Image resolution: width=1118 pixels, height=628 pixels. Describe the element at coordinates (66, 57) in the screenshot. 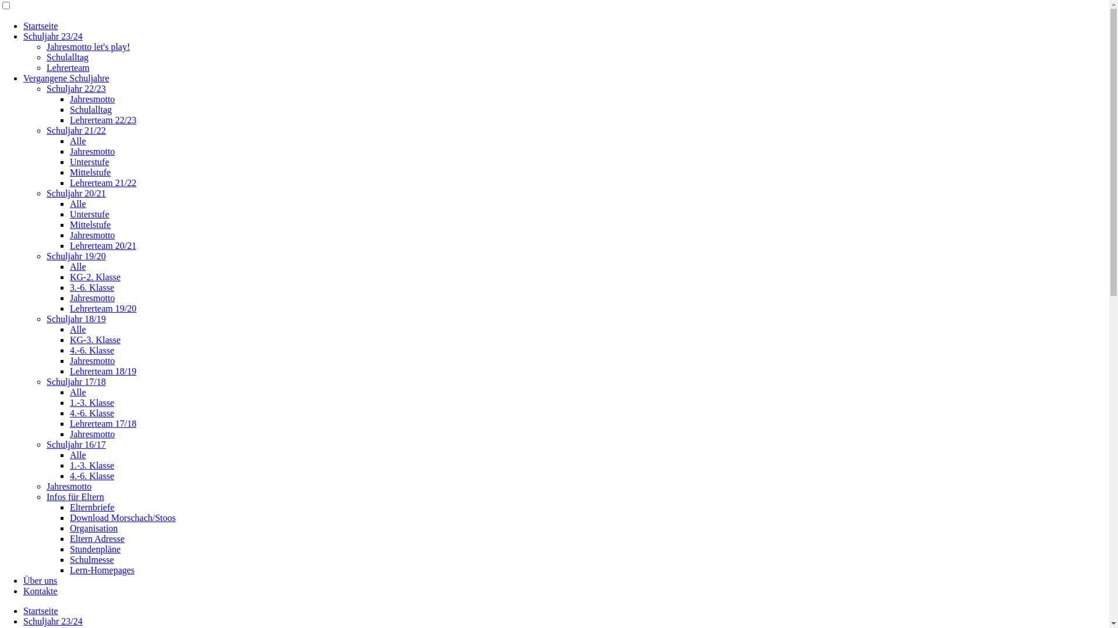

I see `'Schulalltag'` at that location.